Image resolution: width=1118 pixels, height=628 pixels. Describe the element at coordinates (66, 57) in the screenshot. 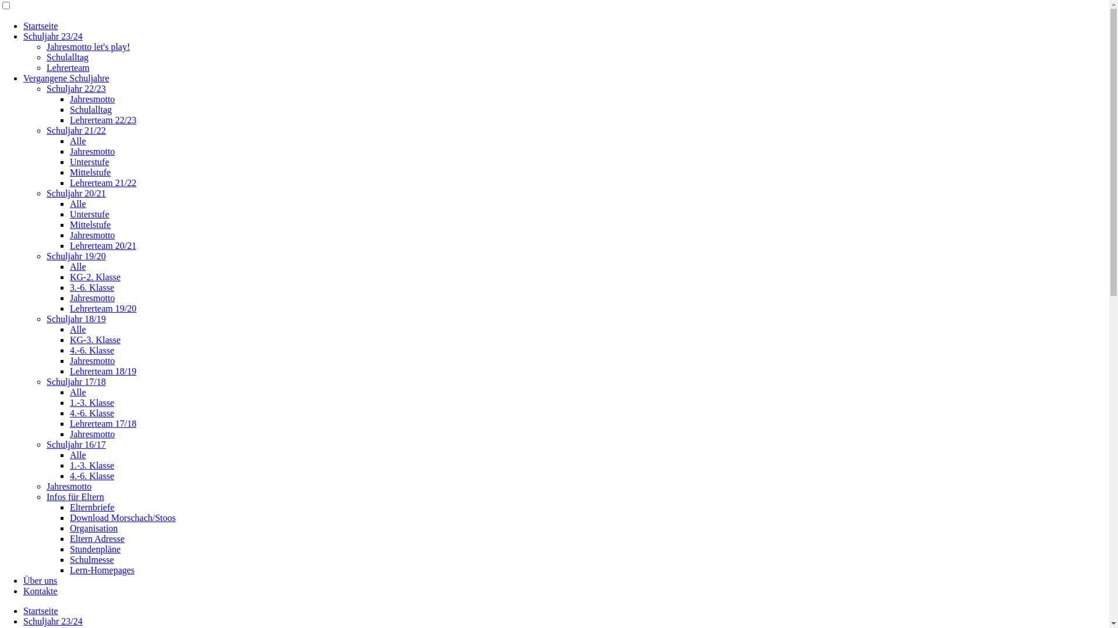

I see `'Schulalltag'` at that location.